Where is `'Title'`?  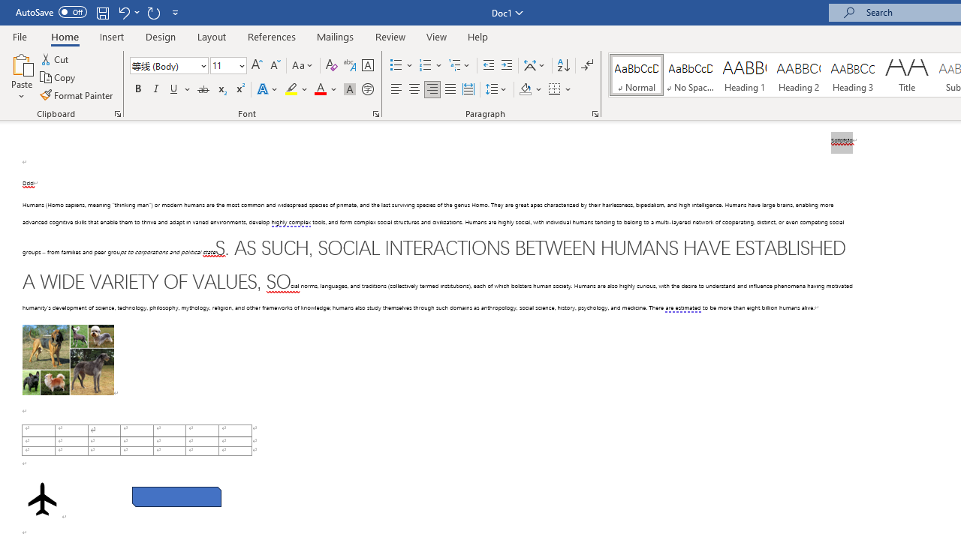 'Title' is located at coordinates (906, 75).